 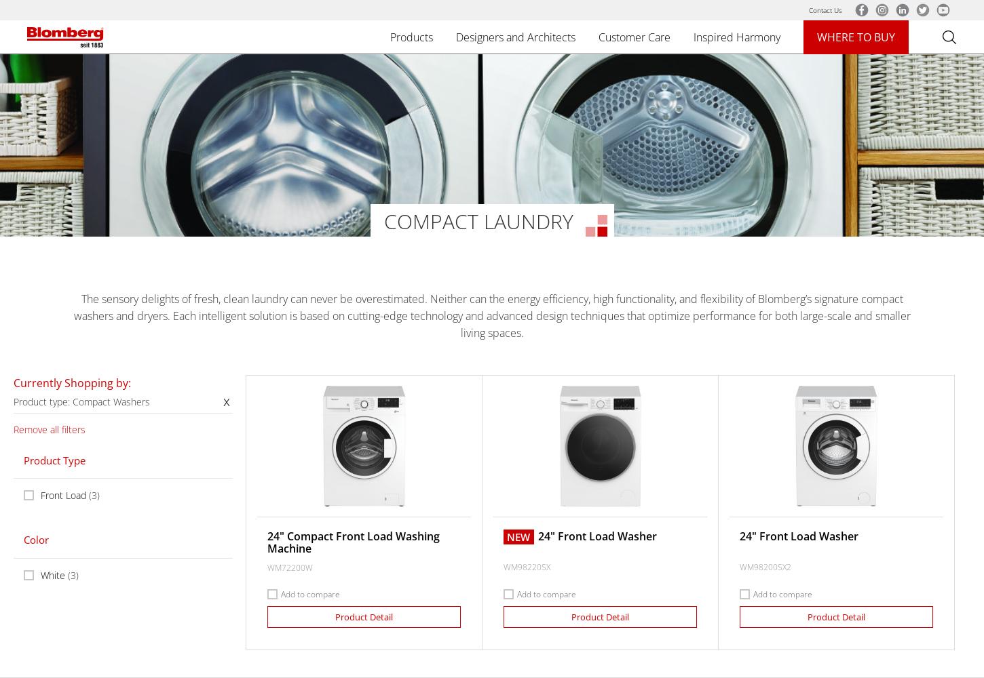 What do you see at coordinates (222, 399) in the screenshot?
I see `'x'` at bounding box center [222, 399].